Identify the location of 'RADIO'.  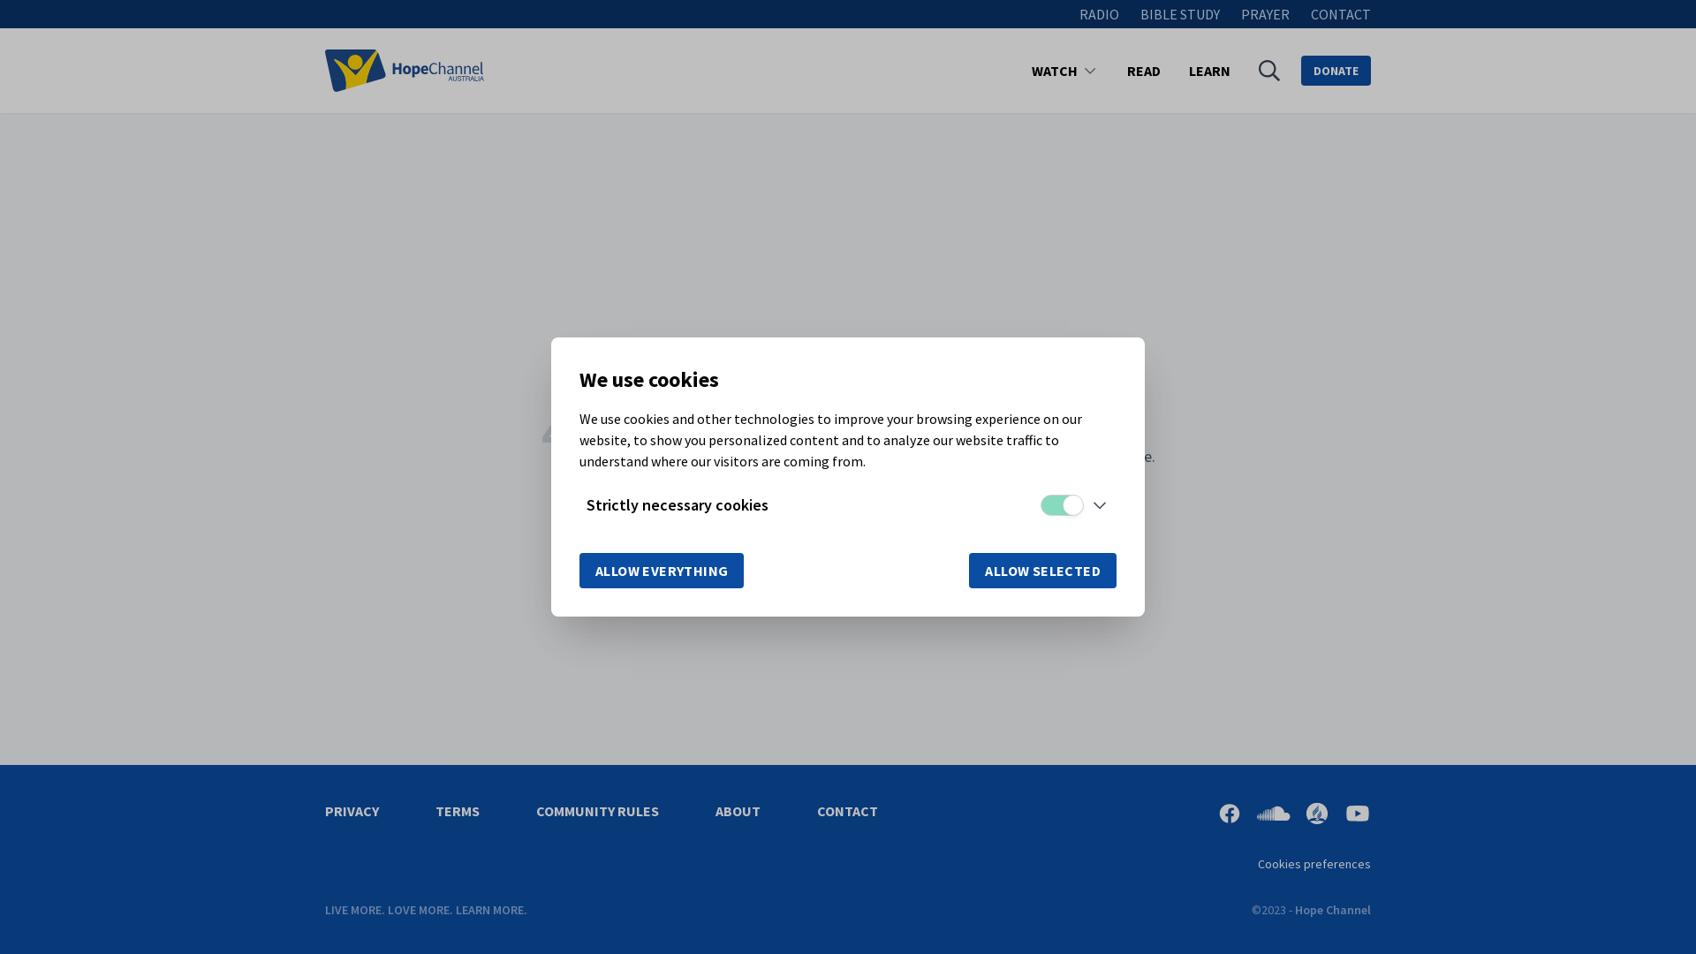
(1079, 13).